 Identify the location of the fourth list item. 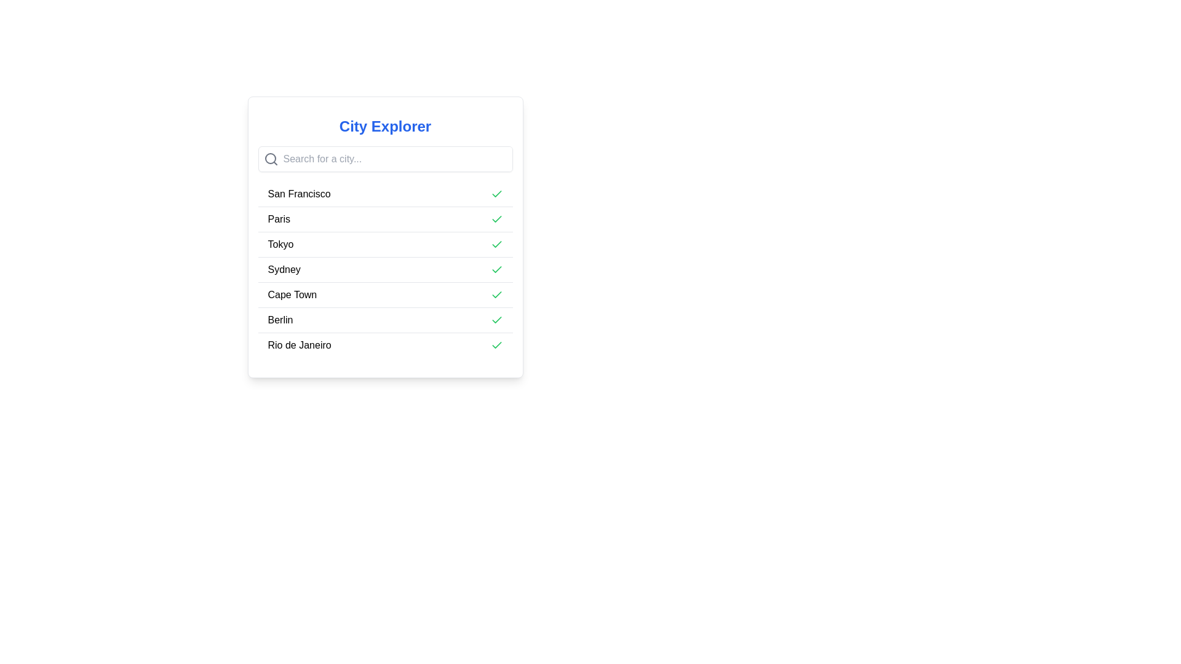
(384, 269).